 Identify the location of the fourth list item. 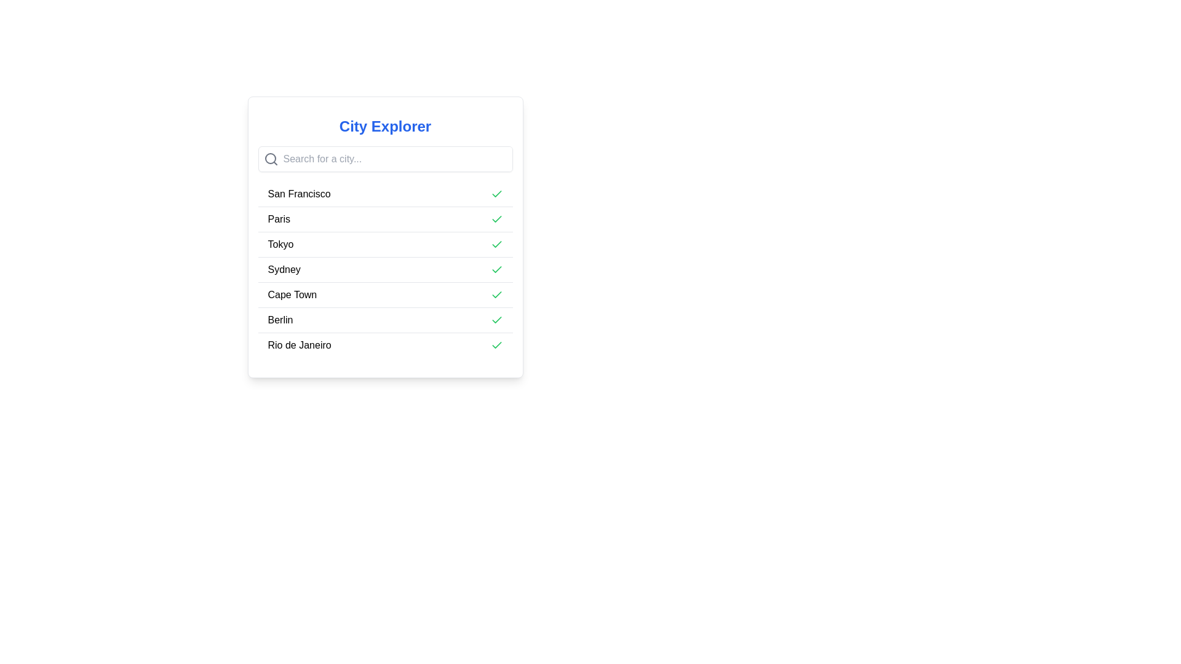
(384, 269).